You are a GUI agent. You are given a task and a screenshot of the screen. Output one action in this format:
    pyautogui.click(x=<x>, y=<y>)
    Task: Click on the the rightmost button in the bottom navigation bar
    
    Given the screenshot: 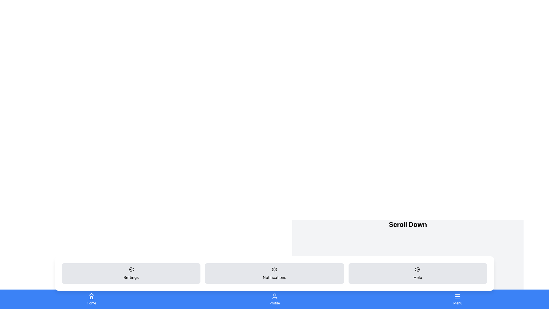 What is the action you would take?
    pyautogui.click(x=458, y=299)
    